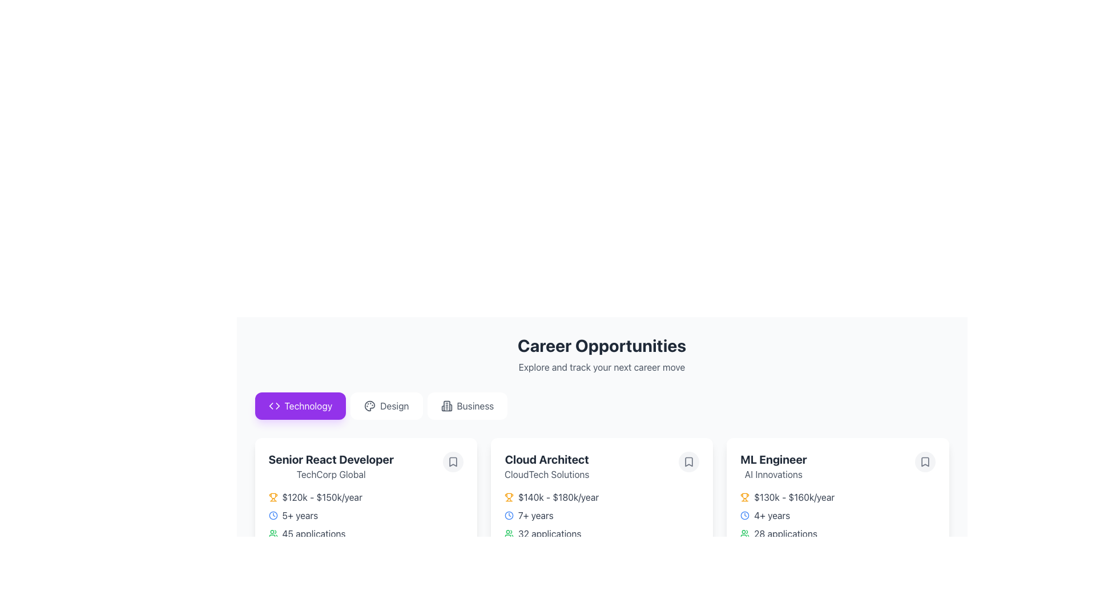 This screenshot has height=616, width=1096. Describe the element at coordinates (467, 406) in the screenshot. I see `the third button in the horizontal row labeled 'Business'` at that location.